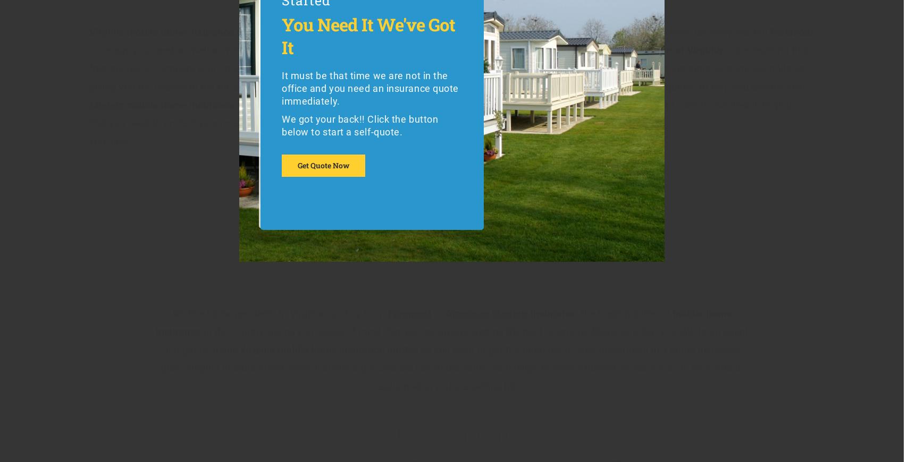 This screenshot has height=462, width=916. I want to click on 'We got your back!! Click the button below to get a quote.', so click(359, 119).